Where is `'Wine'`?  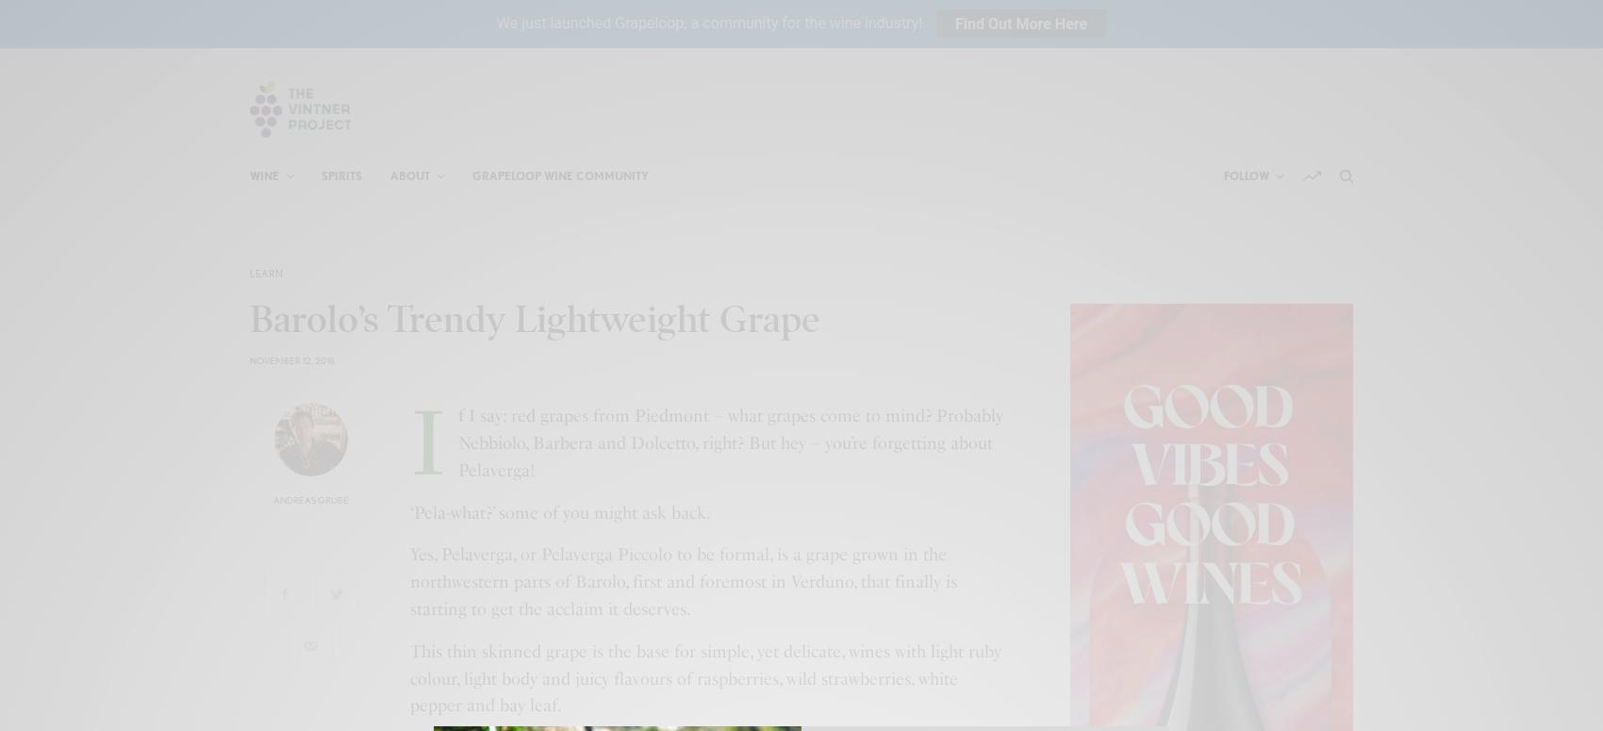 'Wine' is located at coordinates (250, 175).